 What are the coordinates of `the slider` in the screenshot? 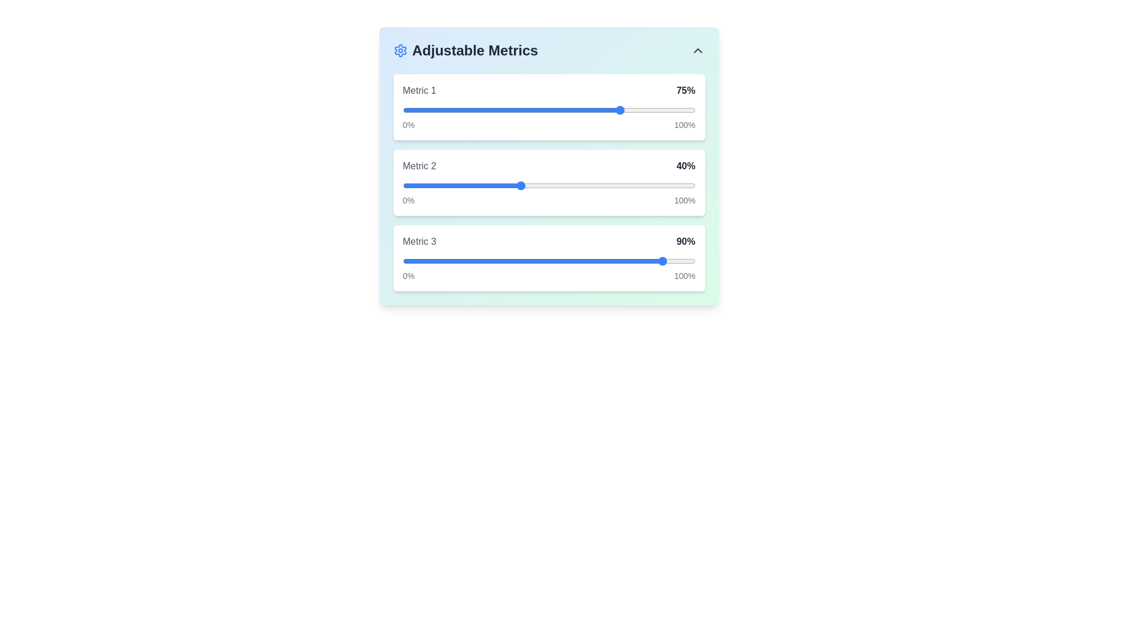 It's located at (493, 110).